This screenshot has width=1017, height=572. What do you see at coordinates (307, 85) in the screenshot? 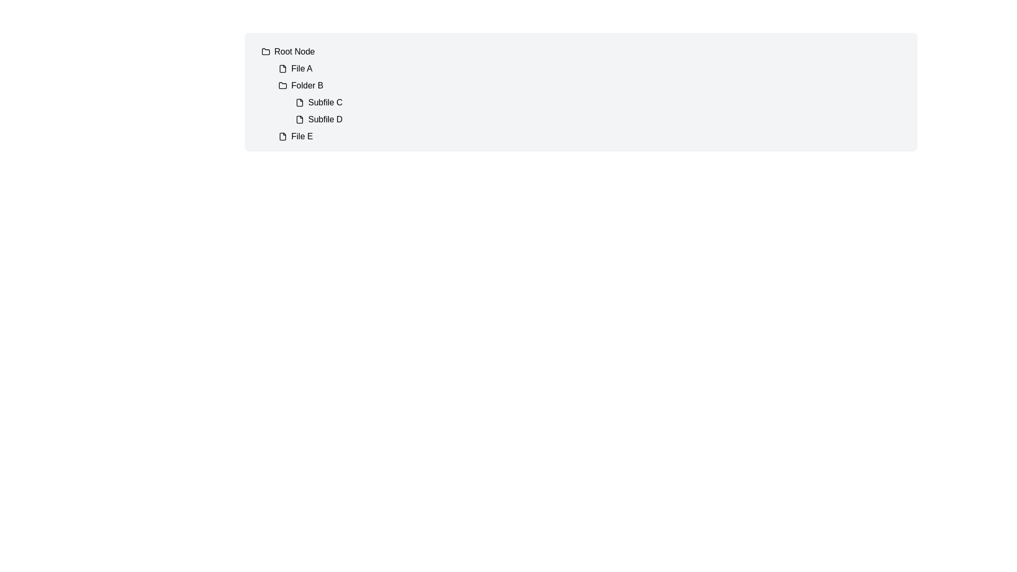
I see `the text label that indicates the name of the folder, which is the second element in the folder entry group under the 'Root Node'` at bounding box center [307, 85].